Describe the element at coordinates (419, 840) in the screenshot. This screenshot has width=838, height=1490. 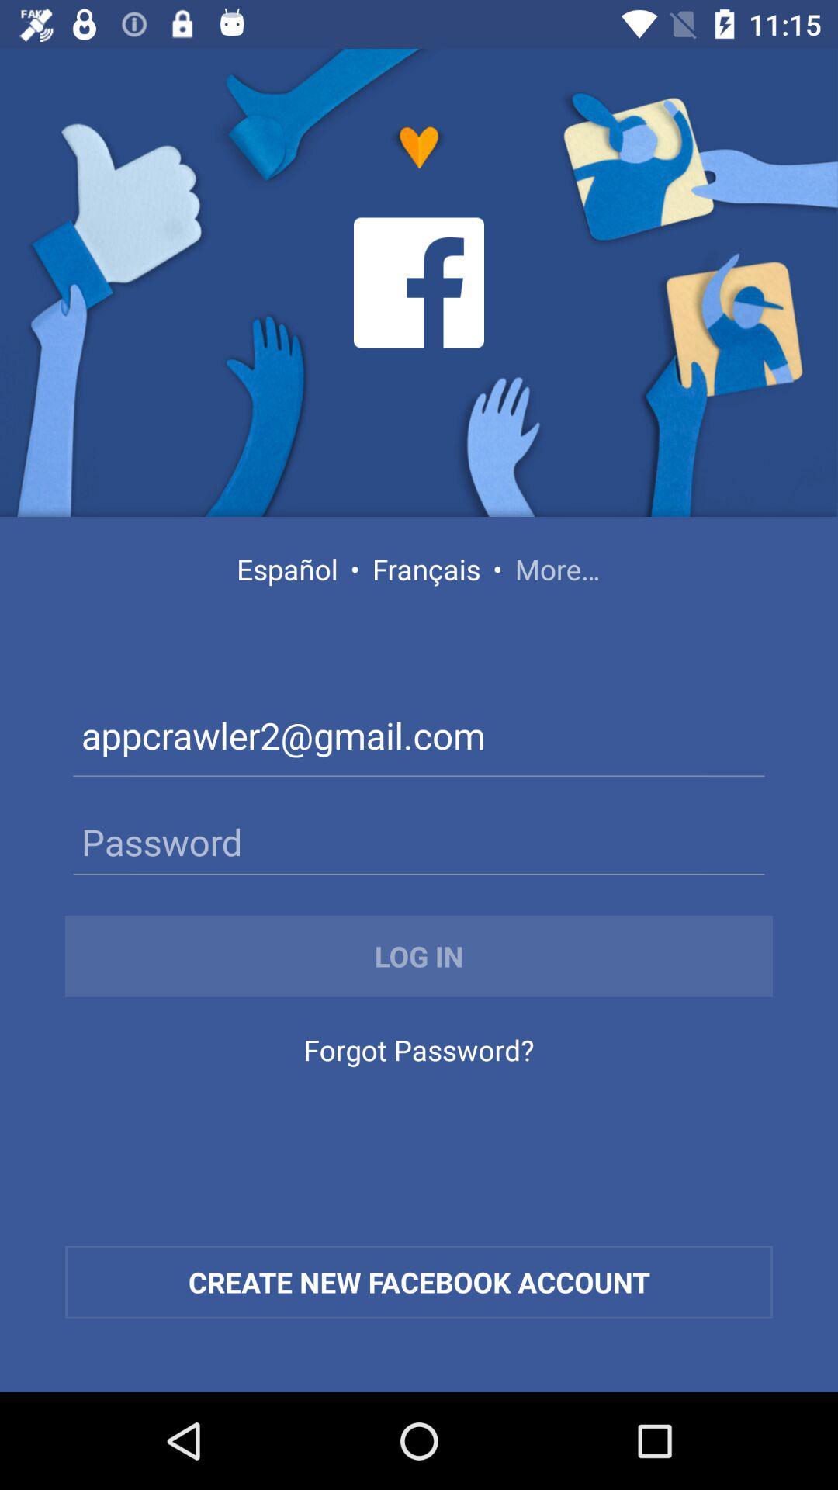
I see `icon above the log in item` at that location.